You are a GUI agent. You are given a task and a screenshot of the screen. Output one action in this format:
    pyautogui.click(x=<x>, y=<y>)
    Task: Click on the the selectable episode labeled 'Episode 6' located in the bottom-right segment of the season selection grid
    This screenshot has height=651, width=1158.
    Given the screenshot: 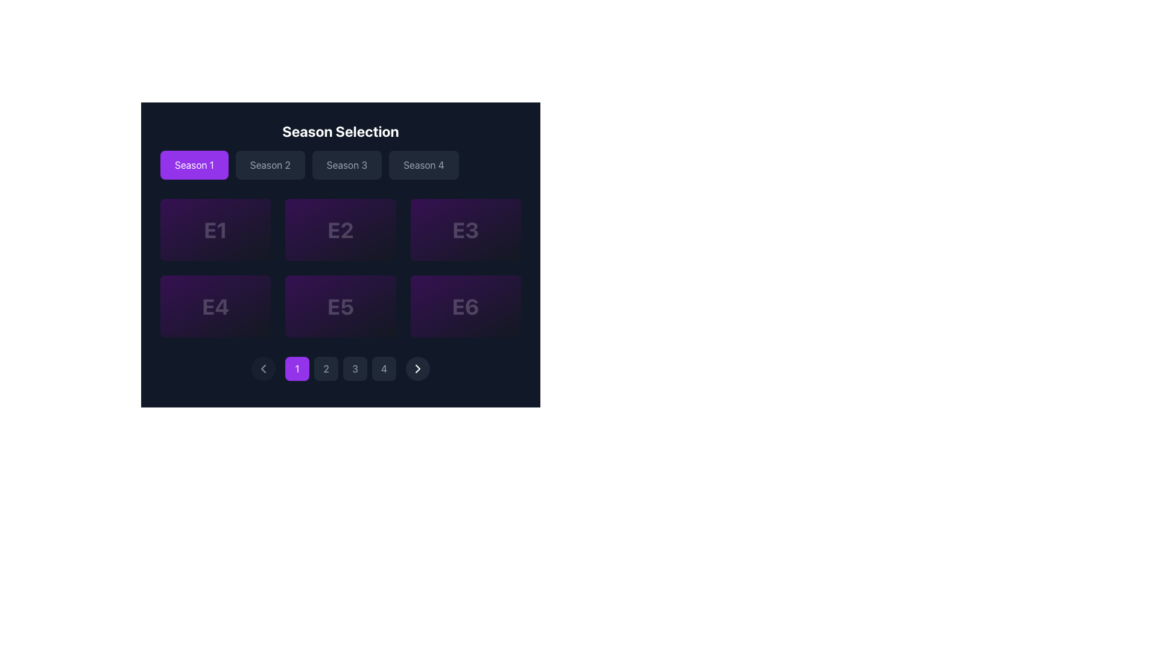 What is the action you would take?
    pyautogui.click(x=465, y=306)
    